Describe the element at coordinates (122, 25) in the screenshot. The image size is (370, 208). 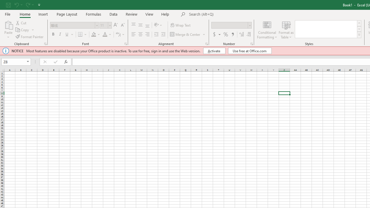
I see `'Decrease Font Size'` at that location.